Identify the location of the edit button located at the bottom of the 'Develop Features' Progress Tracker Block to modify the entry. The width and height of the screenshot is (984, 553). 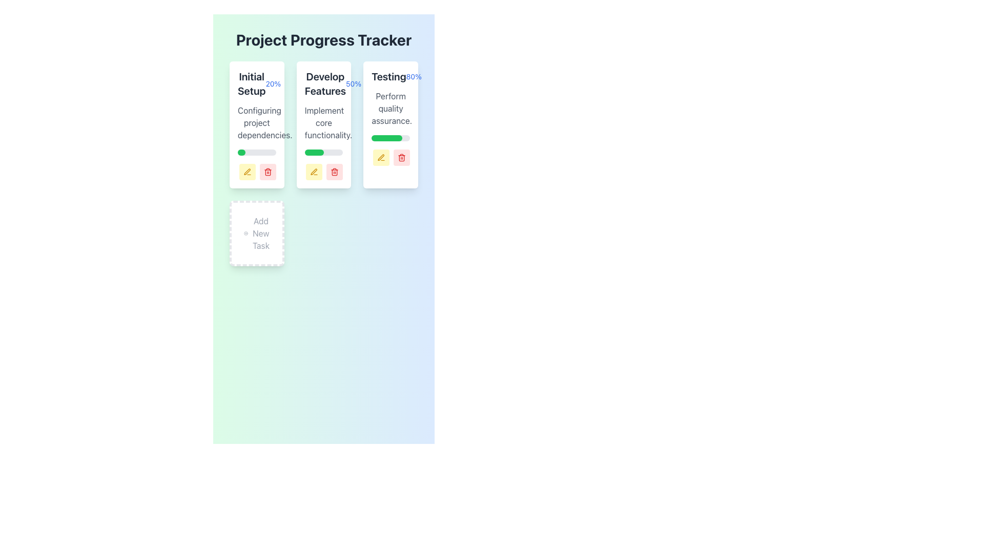
(323, 163).